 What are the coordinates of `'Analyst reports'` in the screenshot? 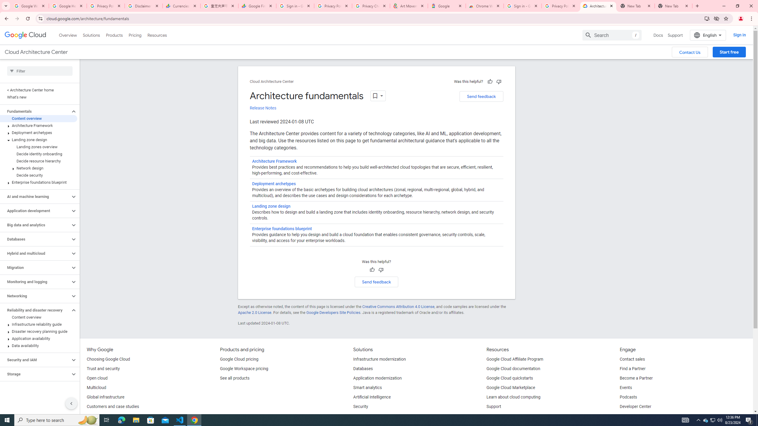 It's located at (100, 416).